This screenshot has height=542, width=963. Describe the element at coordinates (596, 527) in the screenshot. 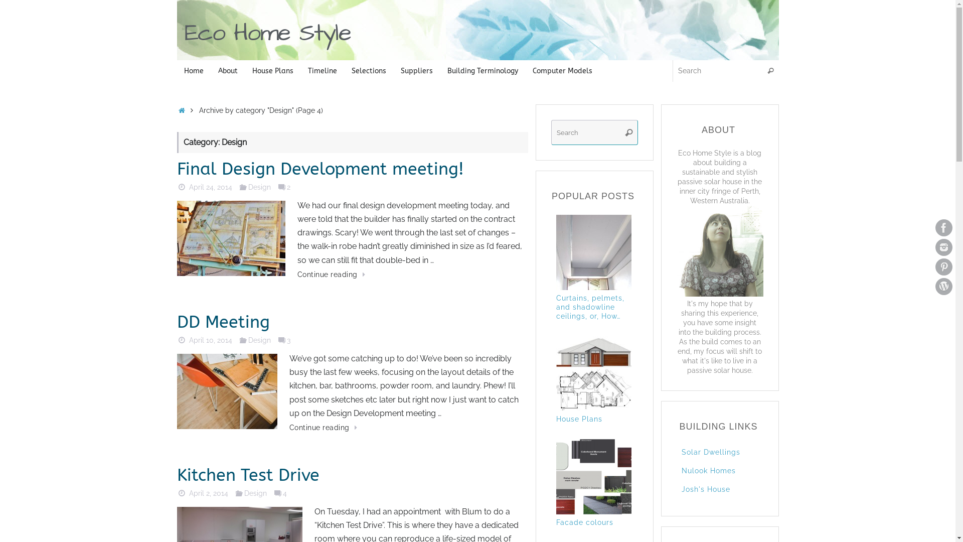

I see `'Facade colours'` at that location.